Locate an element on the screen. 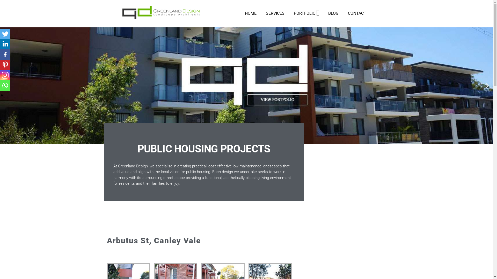 The height and width of the screenshot is (279, 497). 'Linkedin' is located at coordinates (5, 44).